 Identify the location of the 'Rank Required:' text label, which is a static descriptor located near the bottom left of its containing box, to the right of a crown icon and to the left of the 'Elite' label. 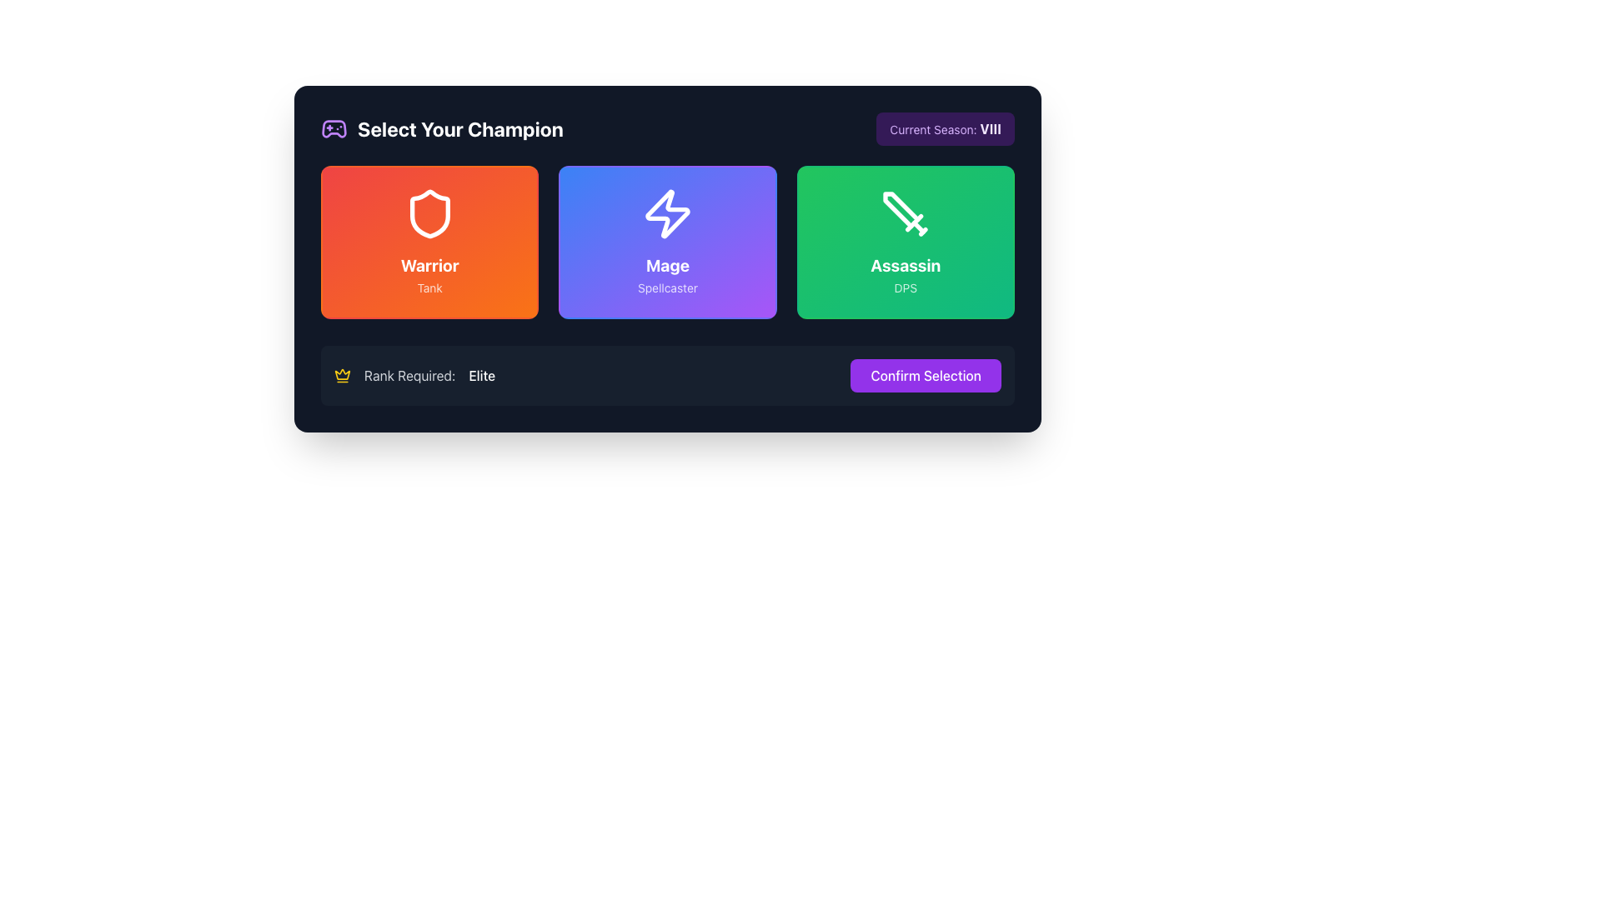
(409, 376).